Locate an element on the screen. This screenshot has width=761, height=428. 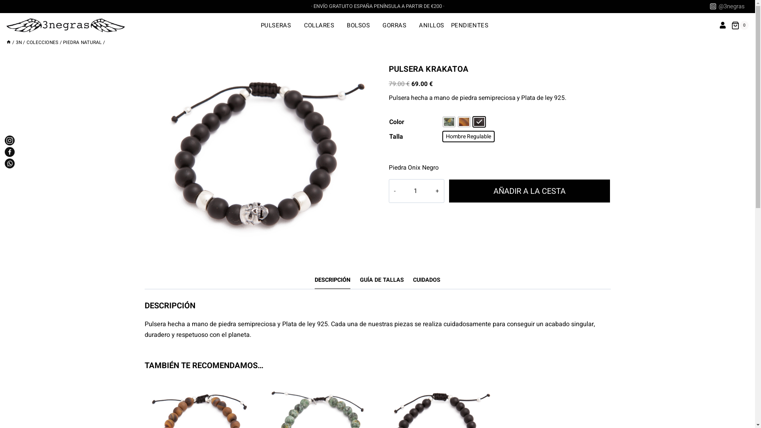
'Whatsapp' is located at coordinates (10, 163).